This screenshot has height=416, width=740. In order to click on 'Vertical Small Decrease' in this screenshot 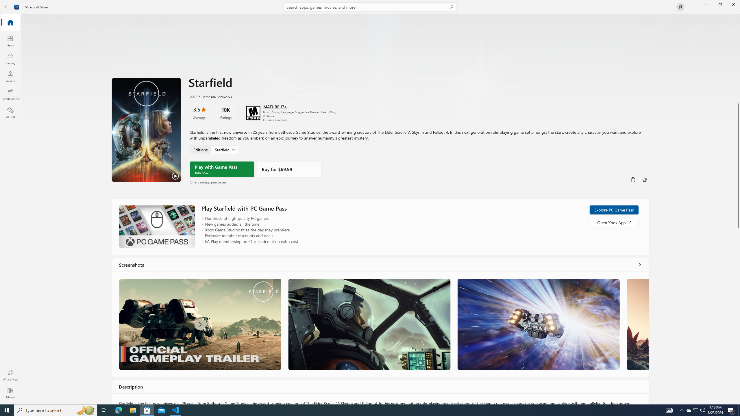, I will do `click(738, 16)`.